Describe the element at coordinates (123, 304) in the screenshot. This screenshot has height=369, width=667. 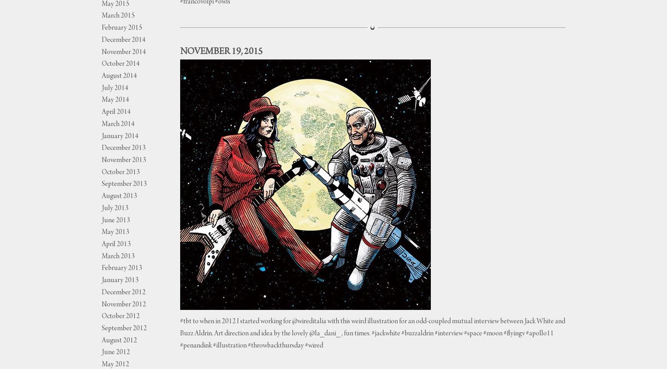
I see `'November 2012'` at that location.